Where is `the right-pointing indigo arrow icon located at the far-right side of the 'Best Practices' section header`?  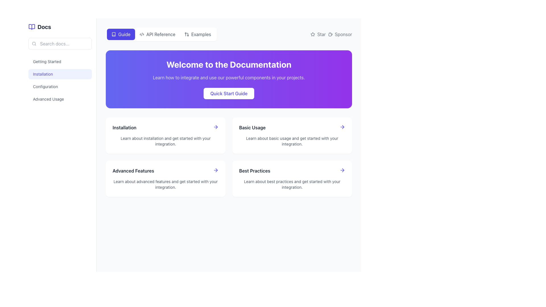
the right-pointing indigo arrow icon located at the far-right side of the 'Best Practices' section header is located at coordinates (342, 170).